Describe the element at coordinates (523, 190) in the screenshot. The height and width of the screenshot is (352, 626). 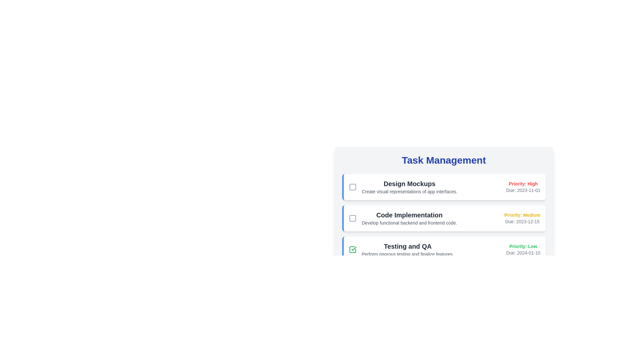
I see `the static text label displaying 'Due: 2023-11-01', which is located below the 'Priority: High' label in the 'Task Management' interface` at that location.